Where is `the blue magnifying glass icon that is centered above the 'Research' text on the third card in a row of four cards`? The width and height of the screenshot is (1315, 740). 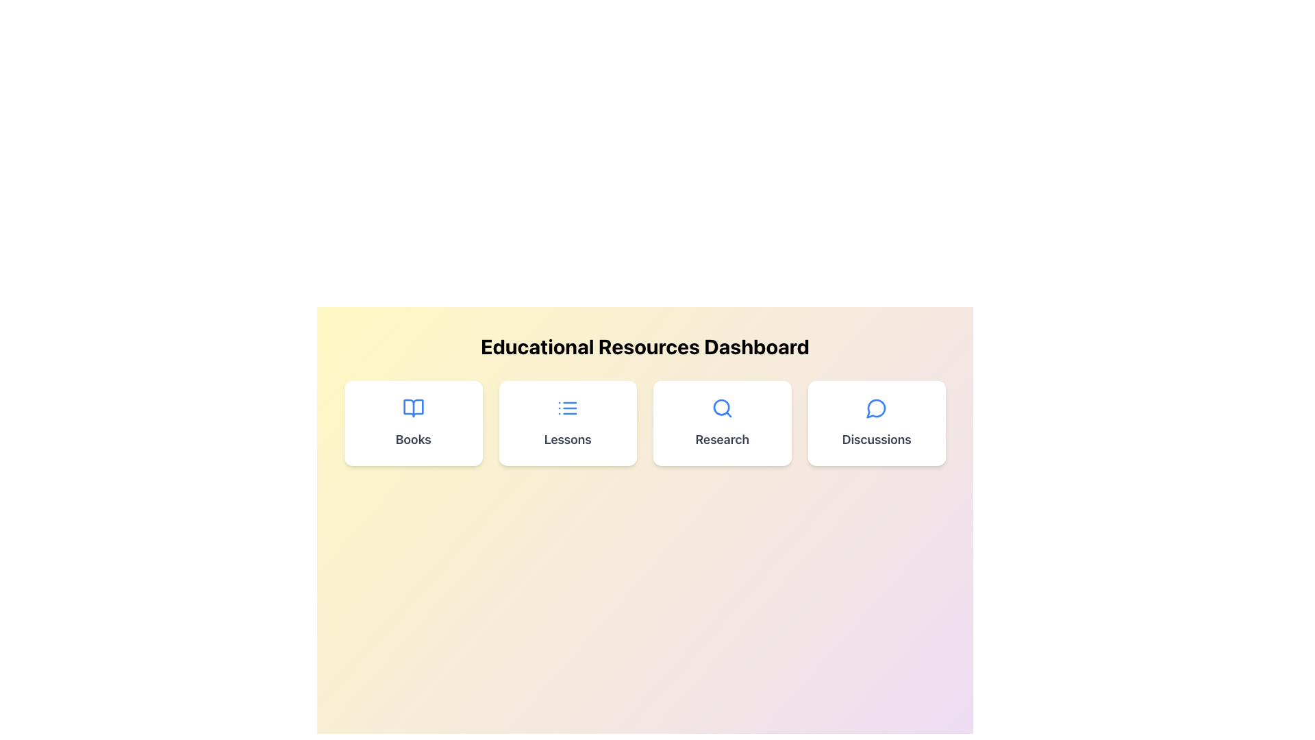 the blue magnifying glass icon that is centered above the 'Research' text on the third card in a row of four cards is located at coordinates (721, 408).